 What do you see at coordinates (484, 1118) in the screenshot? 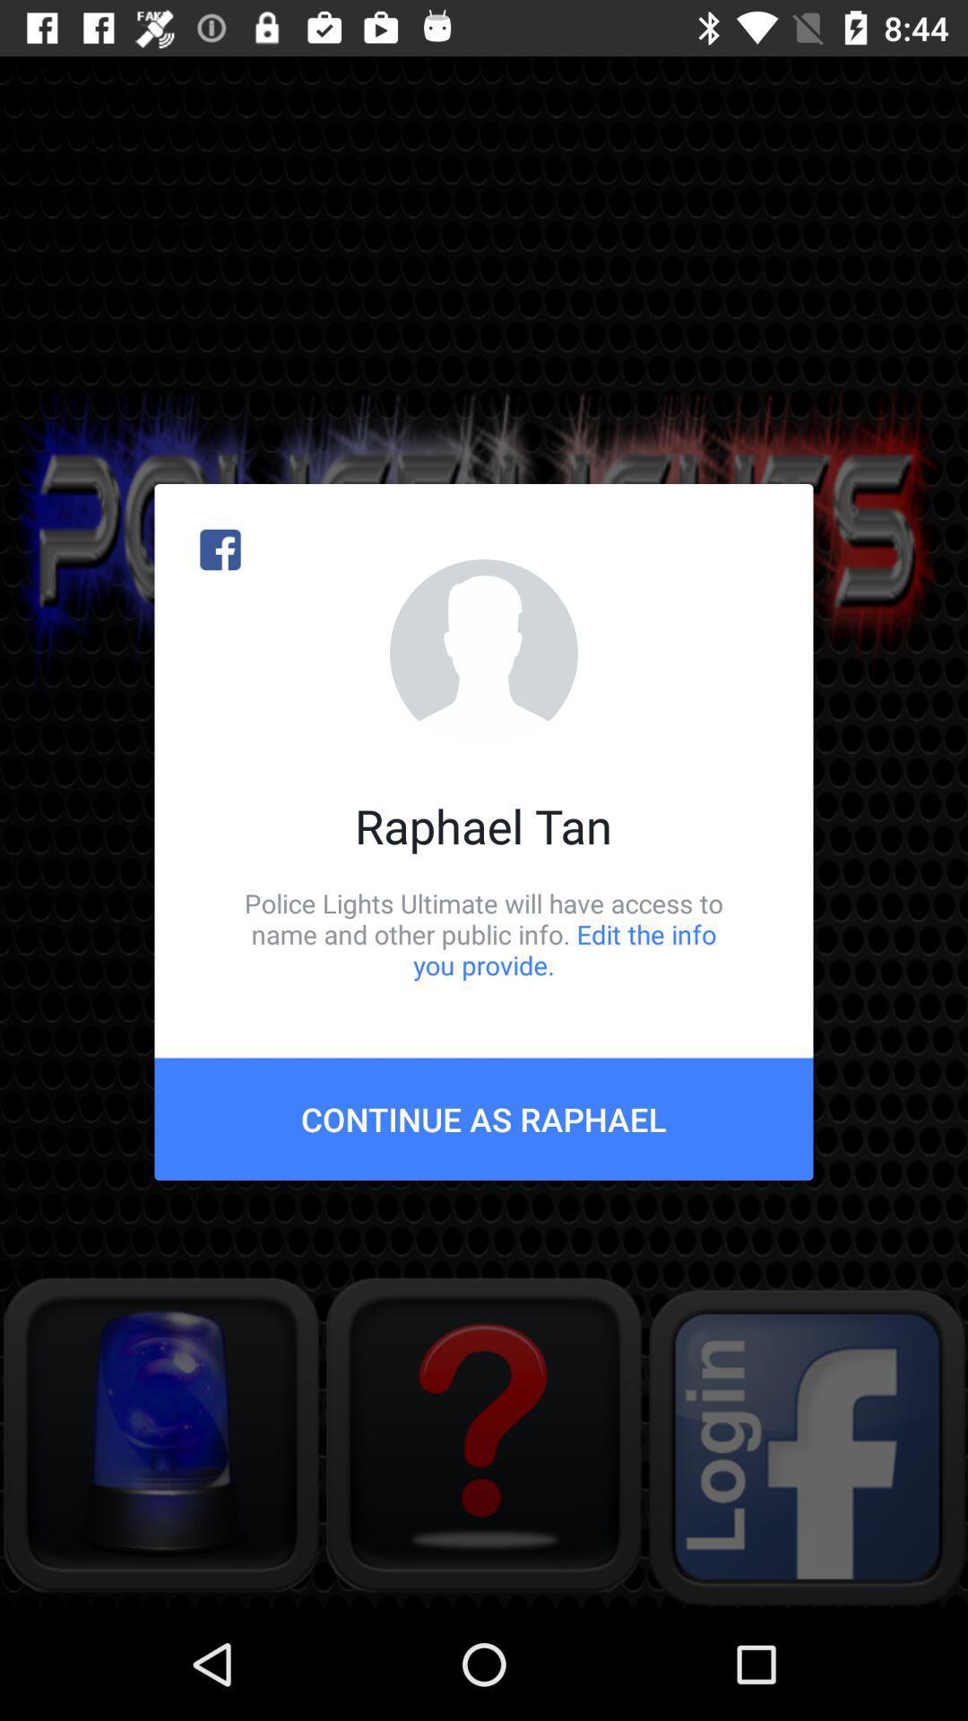
I see `the continue as raphael icon` at bounding box center [484, 1118].